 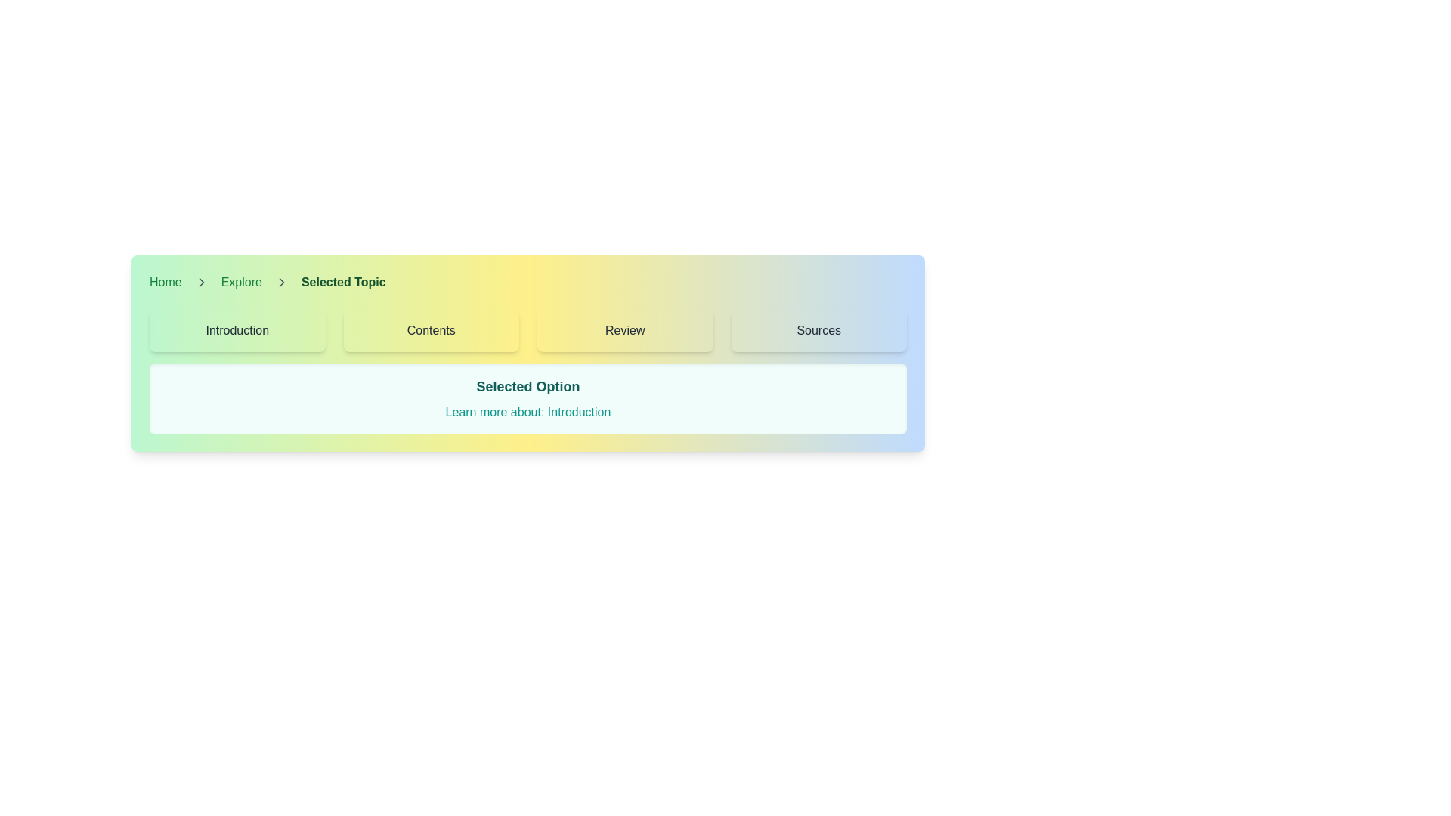 What do you see at coordinates (166, 283) in the screenshot?
I see `the 'Home' link in the breadcrumb navigation bar` at bounding box center [166, 283].